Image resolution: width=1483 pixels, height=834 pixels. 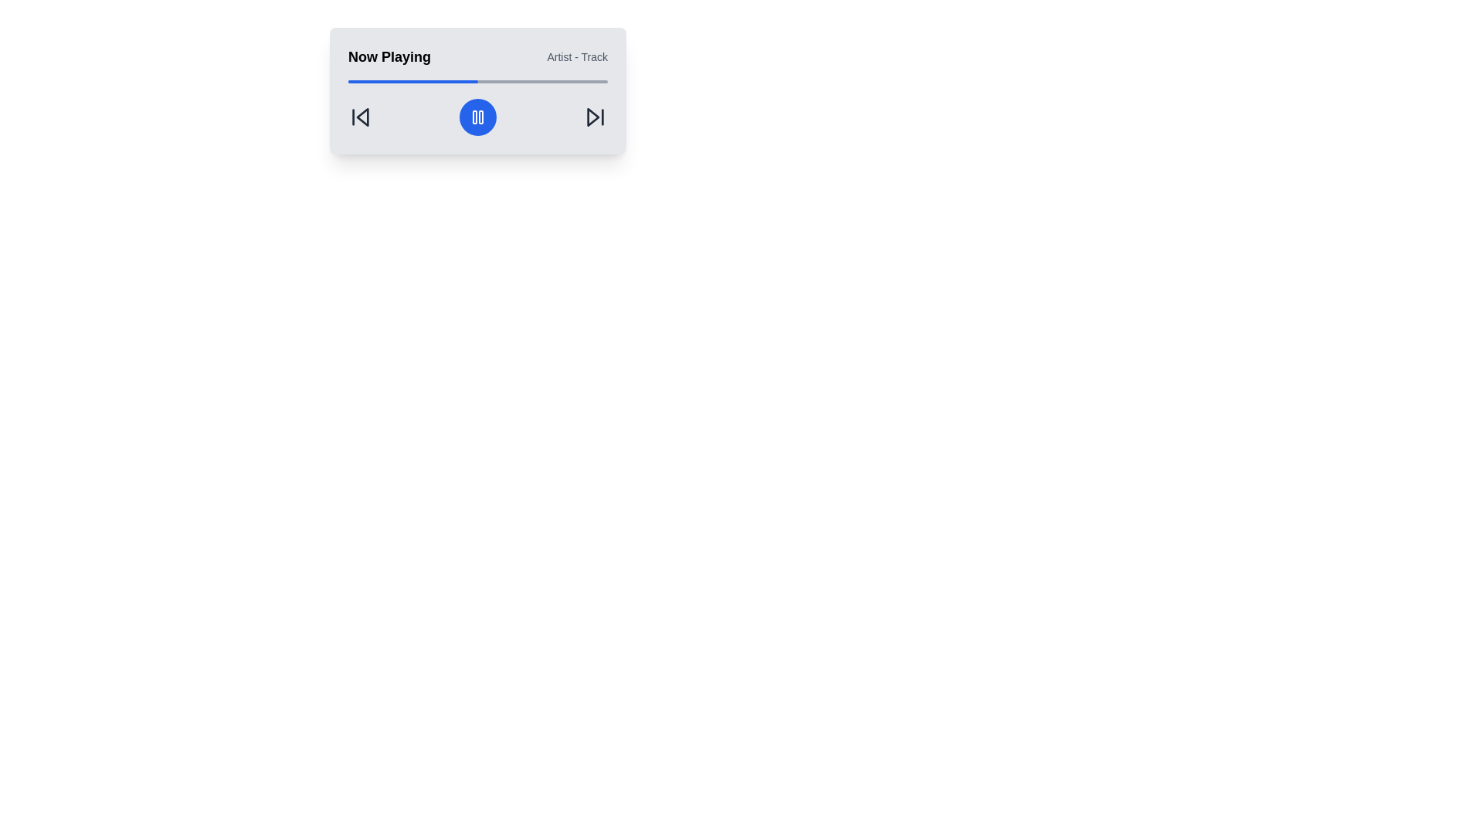 I want to click on the text label that displays the artist and track title, located in the top-right section of the music player interface, to the right of the 'Now Playing' label, so click(x=576, y=56).